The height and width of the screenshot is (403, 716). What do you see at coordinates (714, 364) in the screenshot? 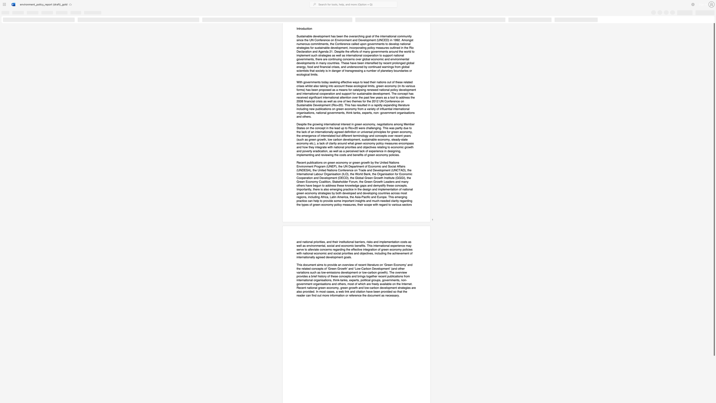
I see `the scrollbar on the right side to scroll the page down` at bounding box center [714, 364].